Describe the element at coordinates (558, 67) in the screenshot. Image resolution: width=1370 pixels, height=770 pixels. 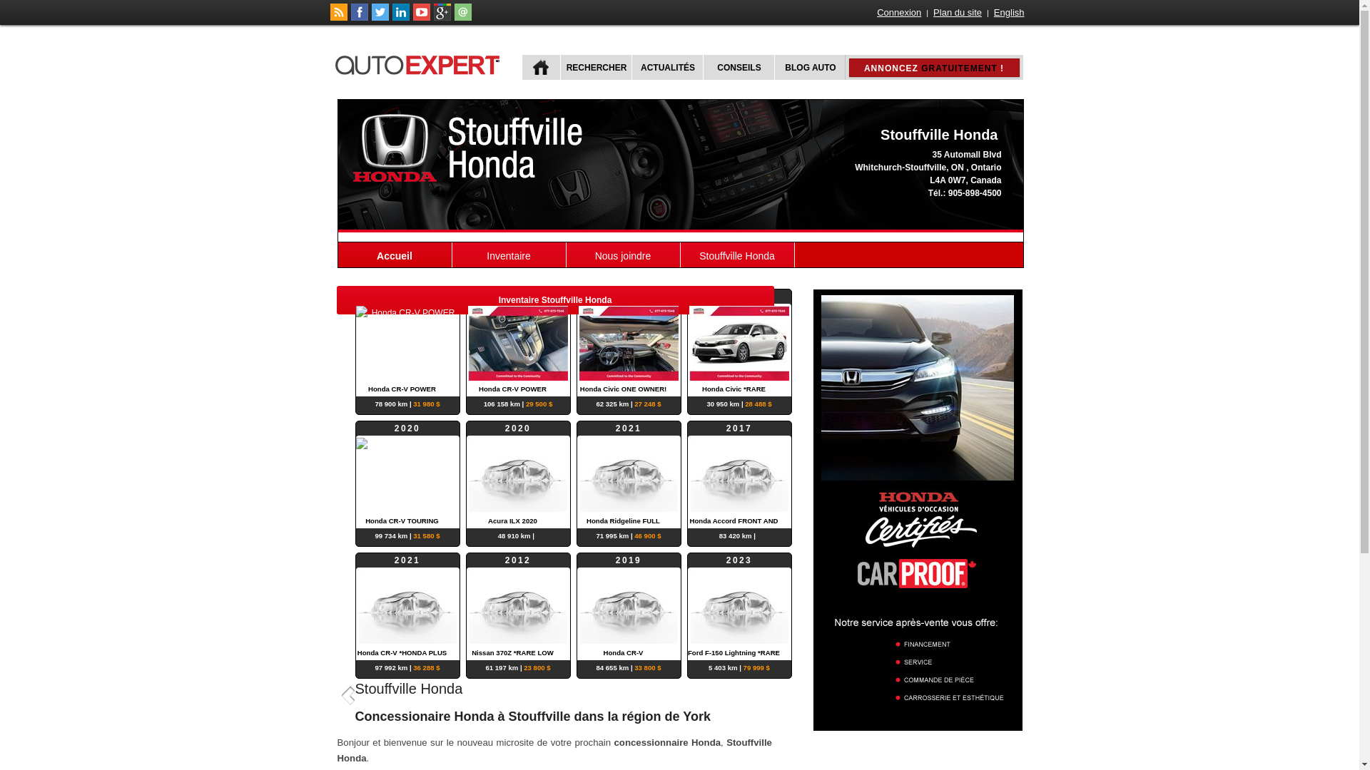
I see `'RECHERCHER'` at that location.